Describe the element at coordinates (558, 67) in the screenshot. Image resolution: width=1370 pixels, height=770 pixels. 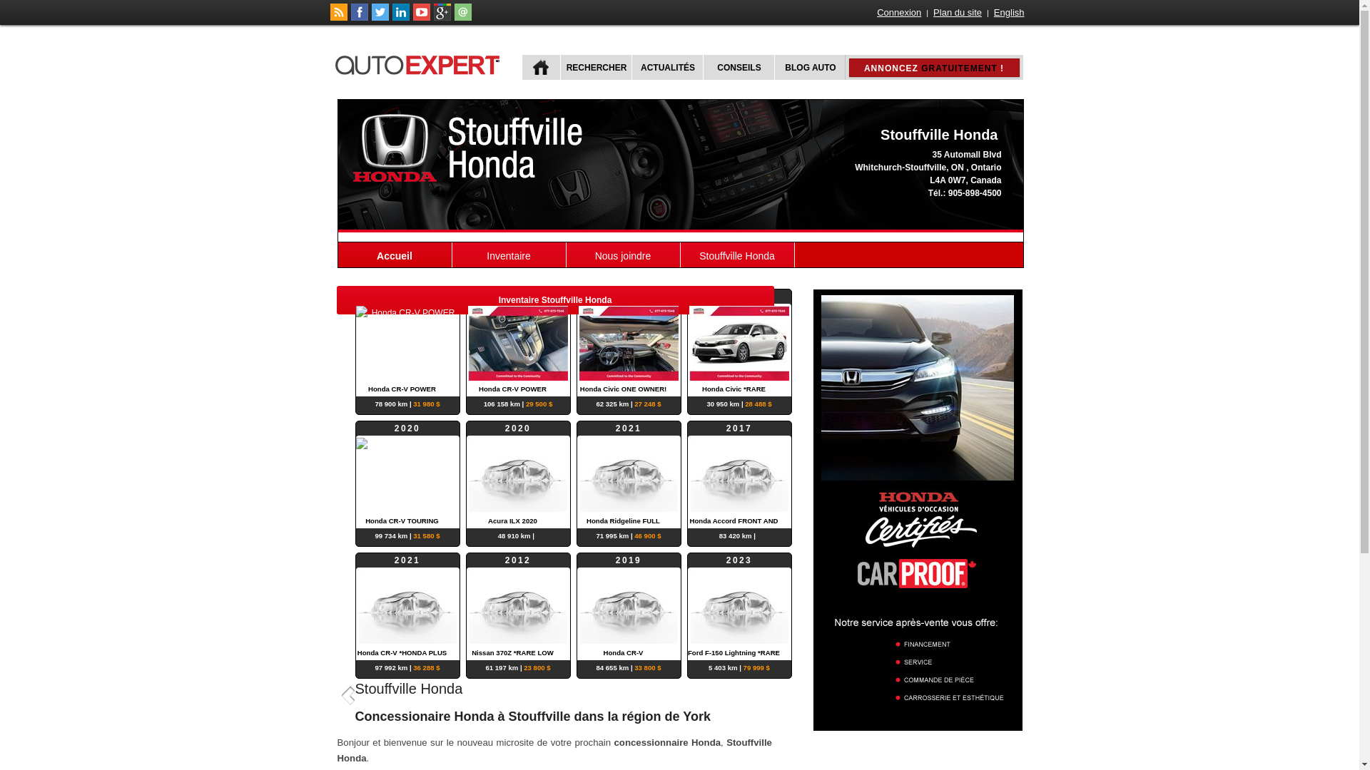
I see `'RECHERCHER'` at that location.